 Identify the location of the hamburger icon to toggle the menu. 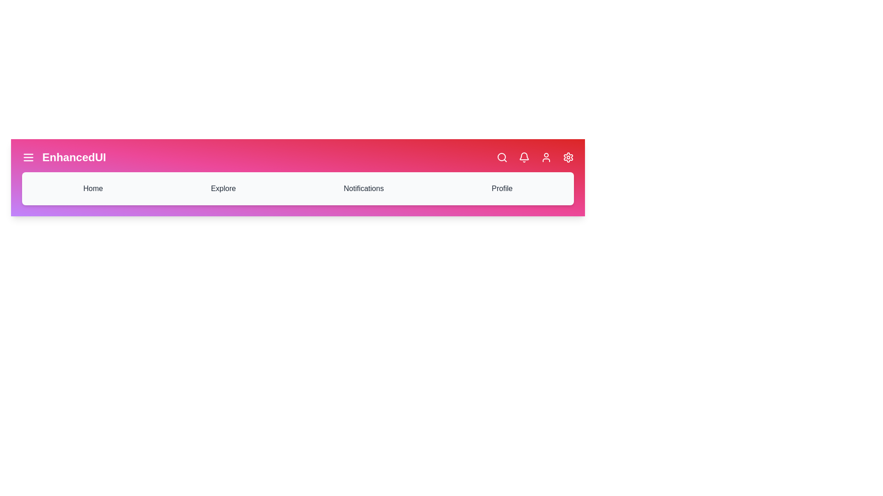
(29, 157).